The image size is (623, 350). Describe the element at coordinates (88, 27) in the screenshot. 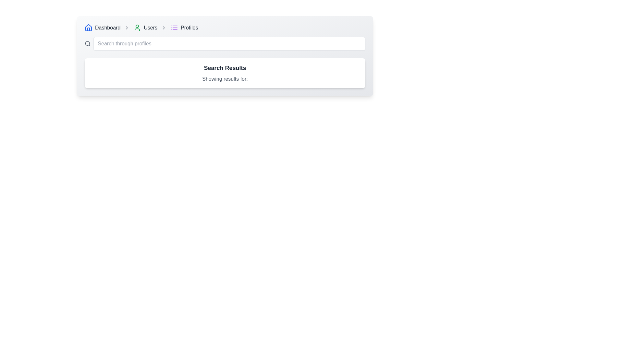

I see `the blue house icon located in the top-left corner of the interface, next to the breadcrumb navigation bar` at that location.